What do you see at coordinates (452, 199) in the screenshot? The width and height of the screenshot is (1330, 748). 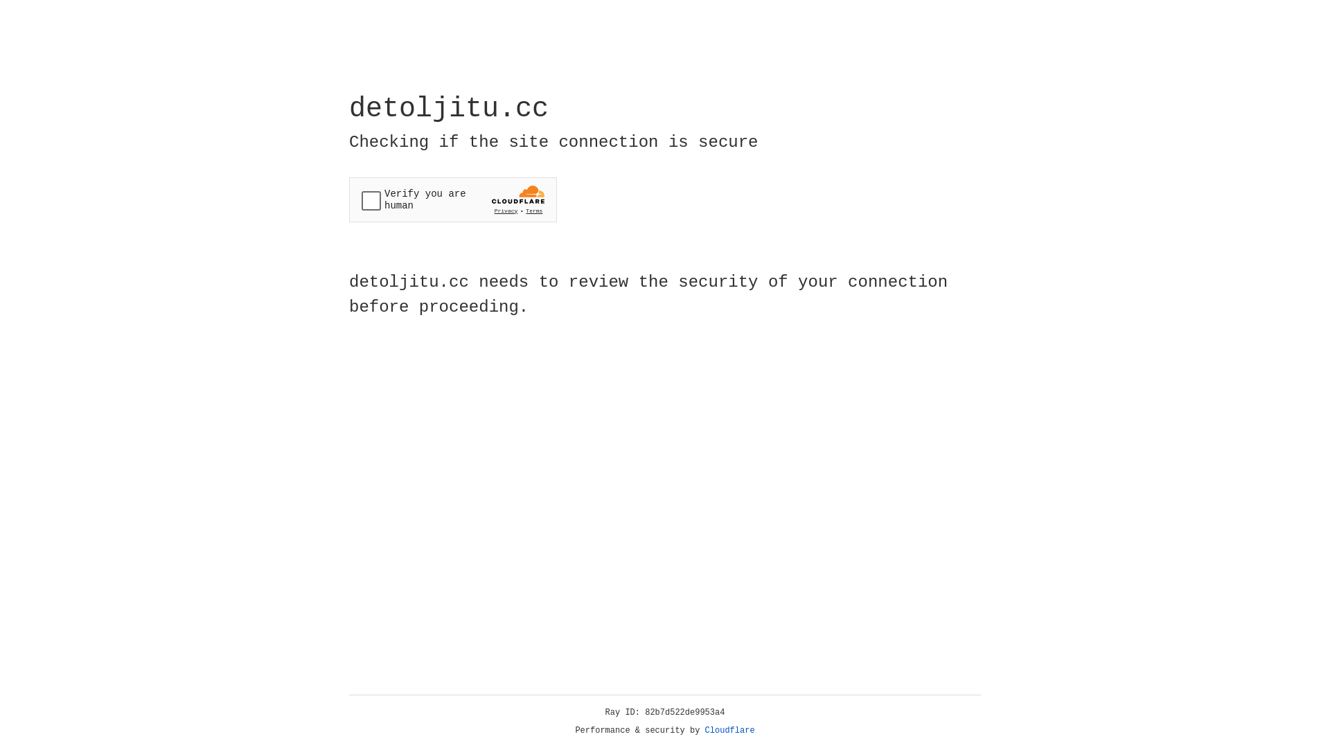 I see `'Widget containing a Cloudflare security challenge'` at bounding box center [452, 199].